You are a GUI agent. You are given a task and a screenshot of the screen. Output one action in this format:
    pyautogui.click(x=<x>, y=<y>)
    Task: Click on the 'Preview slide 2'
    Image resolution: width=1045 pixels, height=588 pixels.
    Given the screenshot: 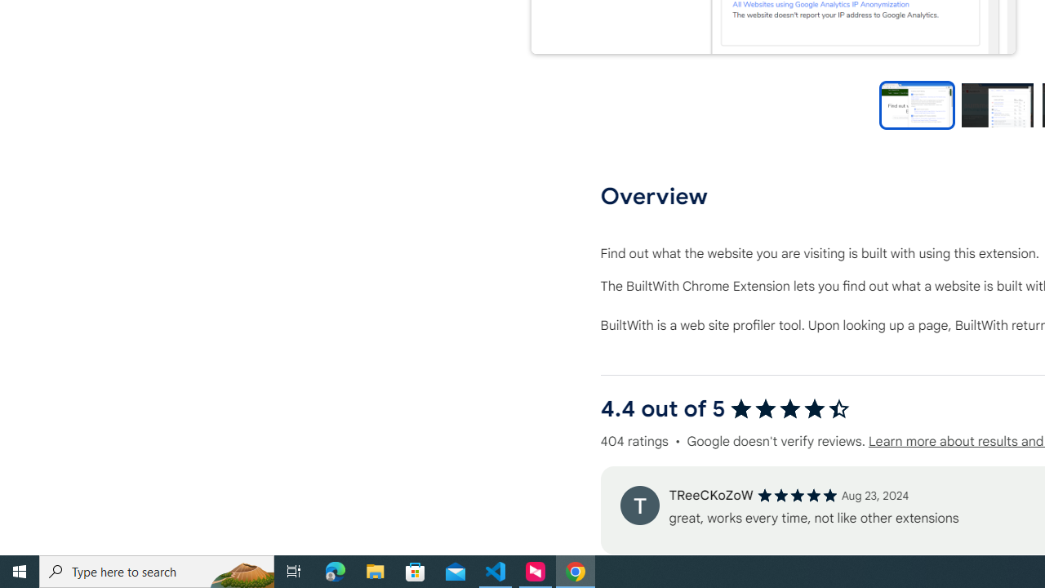 What is the action you would take?
    pyautogui.click(x=996, y=105)
    